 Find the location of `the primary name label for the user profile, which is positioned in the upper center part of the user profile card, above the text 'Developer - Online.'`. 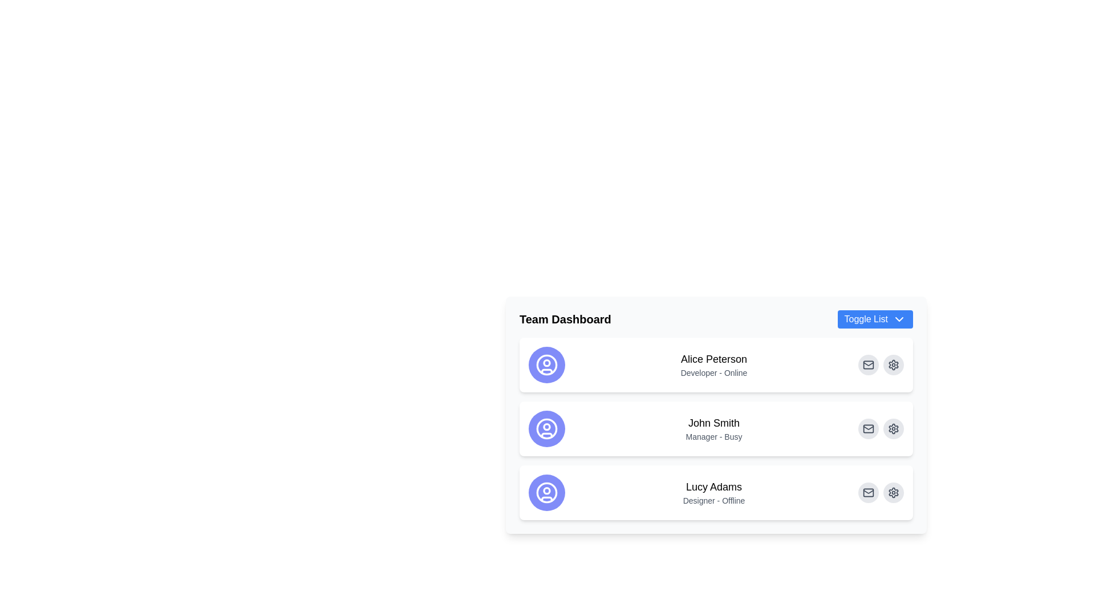

the primary name label for the user profile, which is positioned in the upper center part of the user profile card, above the text 'Developer - Online.' is located at coordinates (713, 358).